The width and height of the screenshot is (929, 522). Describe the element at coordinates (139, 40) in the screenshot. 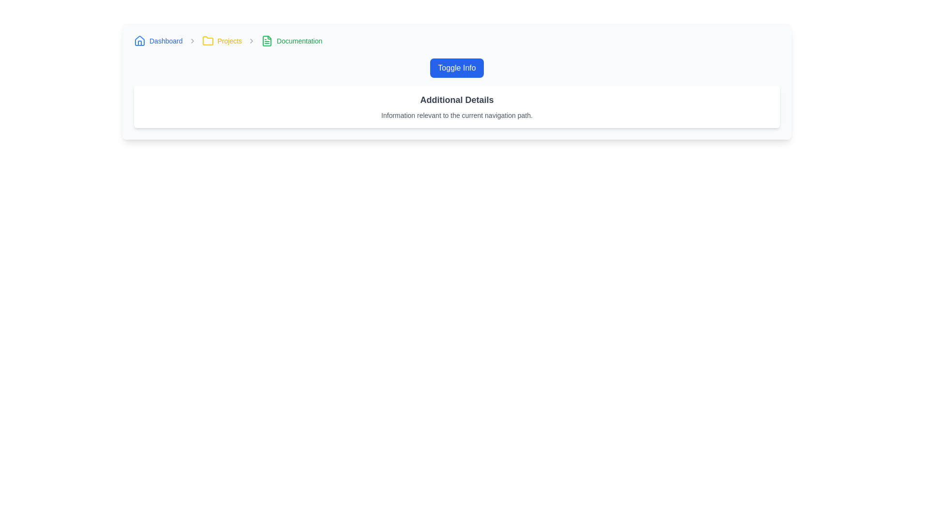

I see `the navigational icon located at the far left of the breadcrumb navigation bar` at that location.